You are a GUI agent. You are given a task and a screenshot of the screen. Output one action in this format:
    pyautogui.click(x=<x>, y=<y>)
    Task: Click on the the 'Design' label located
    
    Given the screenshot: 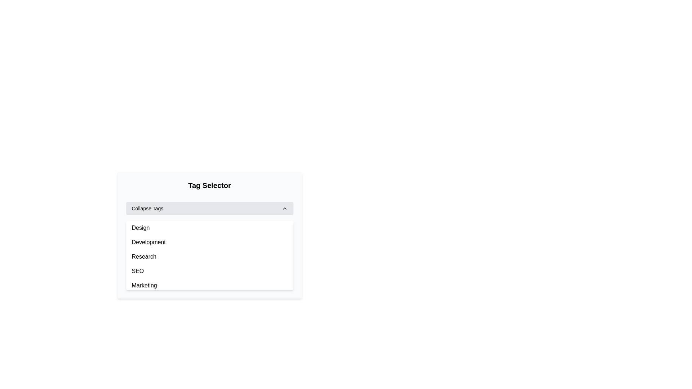 What is the action you would take?
    pyautogui.click(x=141, y=228)
    